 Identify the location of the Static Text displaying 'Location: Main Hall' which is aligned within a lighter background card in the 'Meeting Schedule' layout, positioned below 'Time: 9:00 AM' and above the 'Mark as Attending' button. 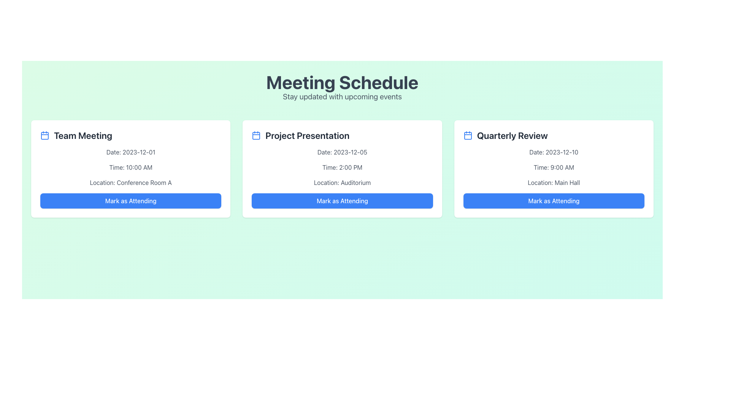
(554, 182).